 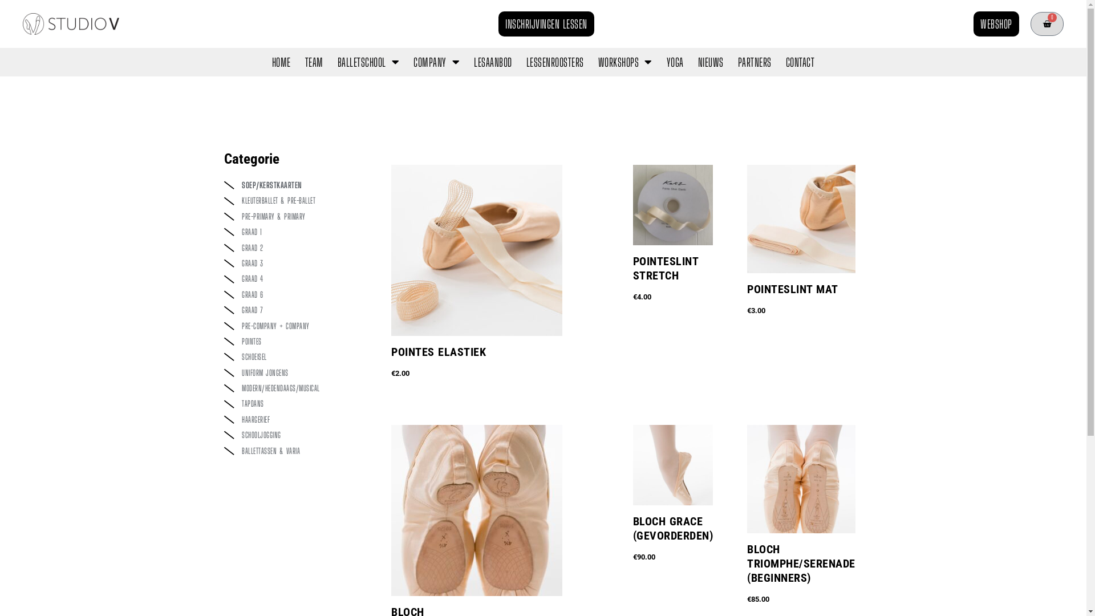 I want to click on 'GRAAD 3', so click(x=295, y=264).